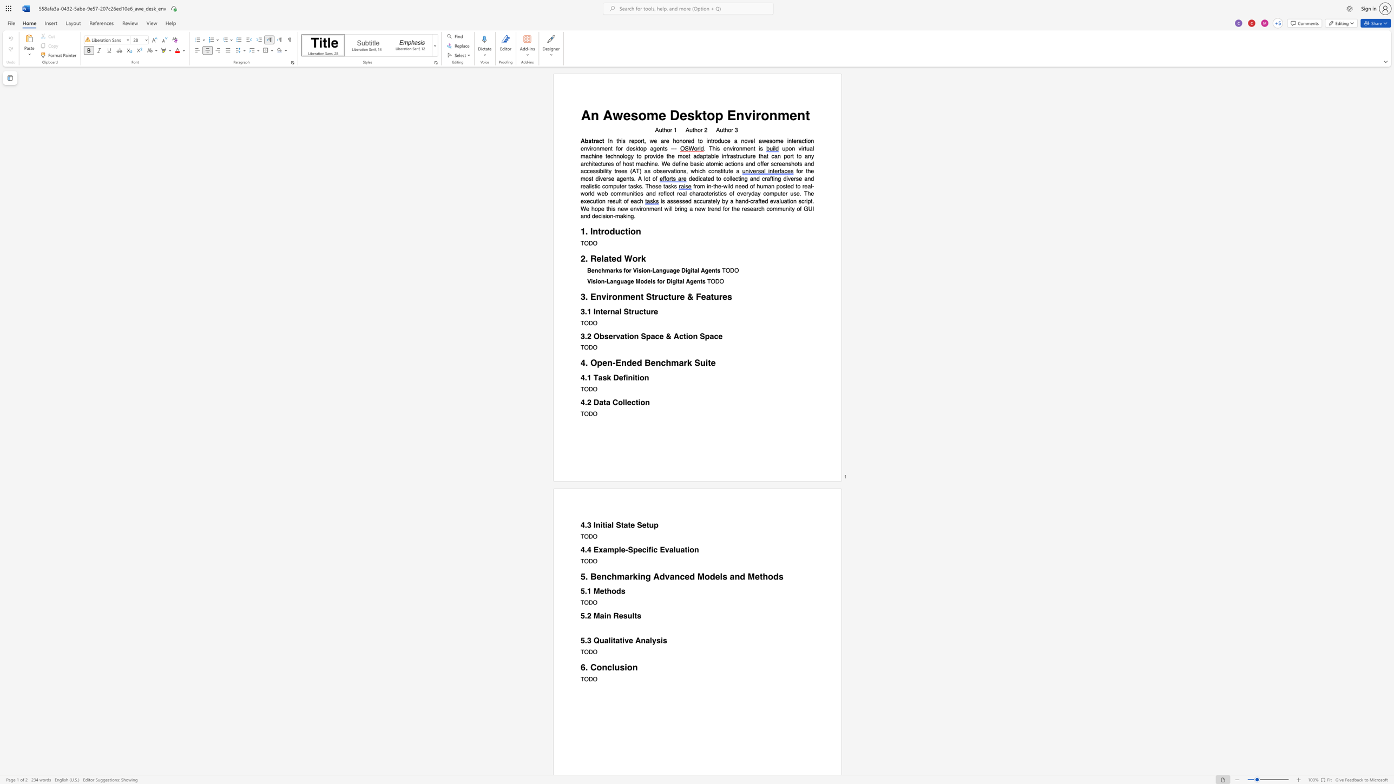 This screenshot has width=1394, height=784. Describe the element at coordinates (622, 401) in the screenshot. I see `the subset text "lle" within the text "Data Collection"` at that location.